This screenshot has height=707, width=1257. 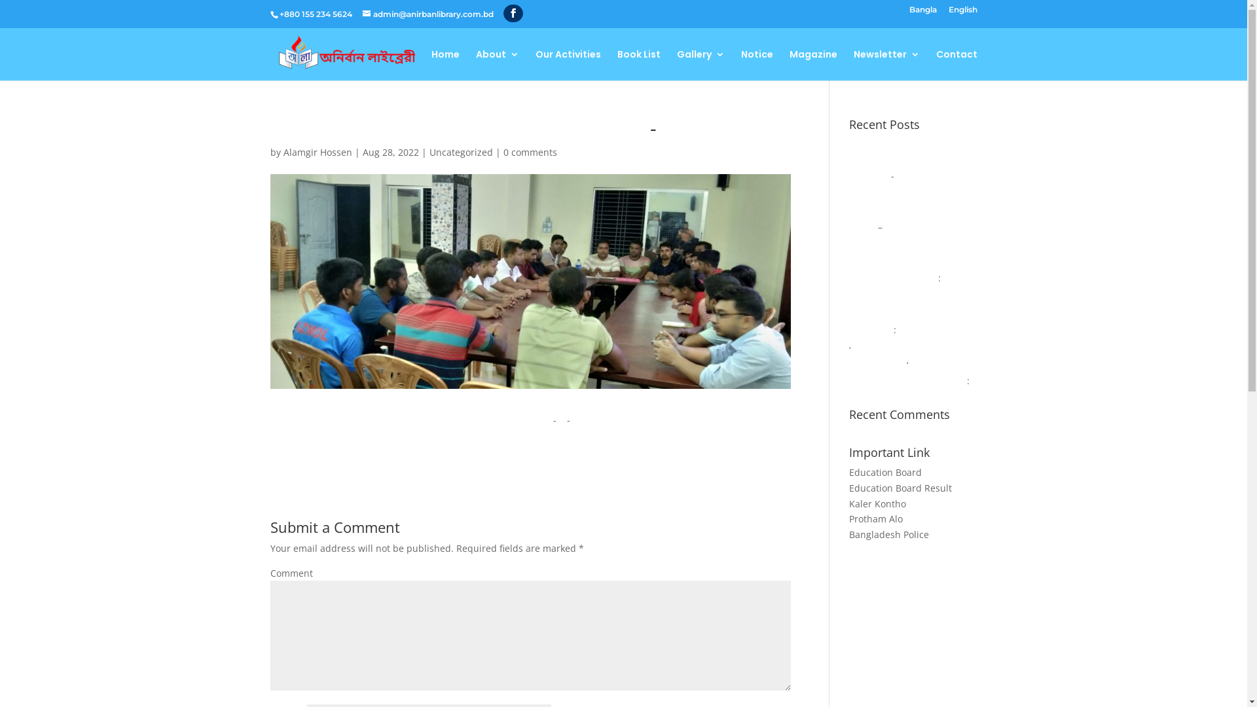 What do you see at coordinates (848, 472) in the screenshot?
I see `'Education Board'` at bounding box center [848, 472].